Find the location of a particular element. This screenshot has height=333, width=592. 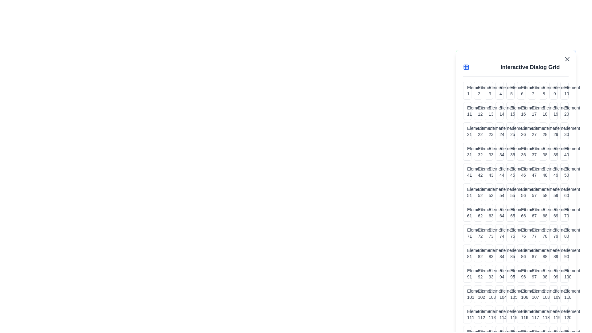

the dialog header title to focus on it is located at coordinates (529, 67).